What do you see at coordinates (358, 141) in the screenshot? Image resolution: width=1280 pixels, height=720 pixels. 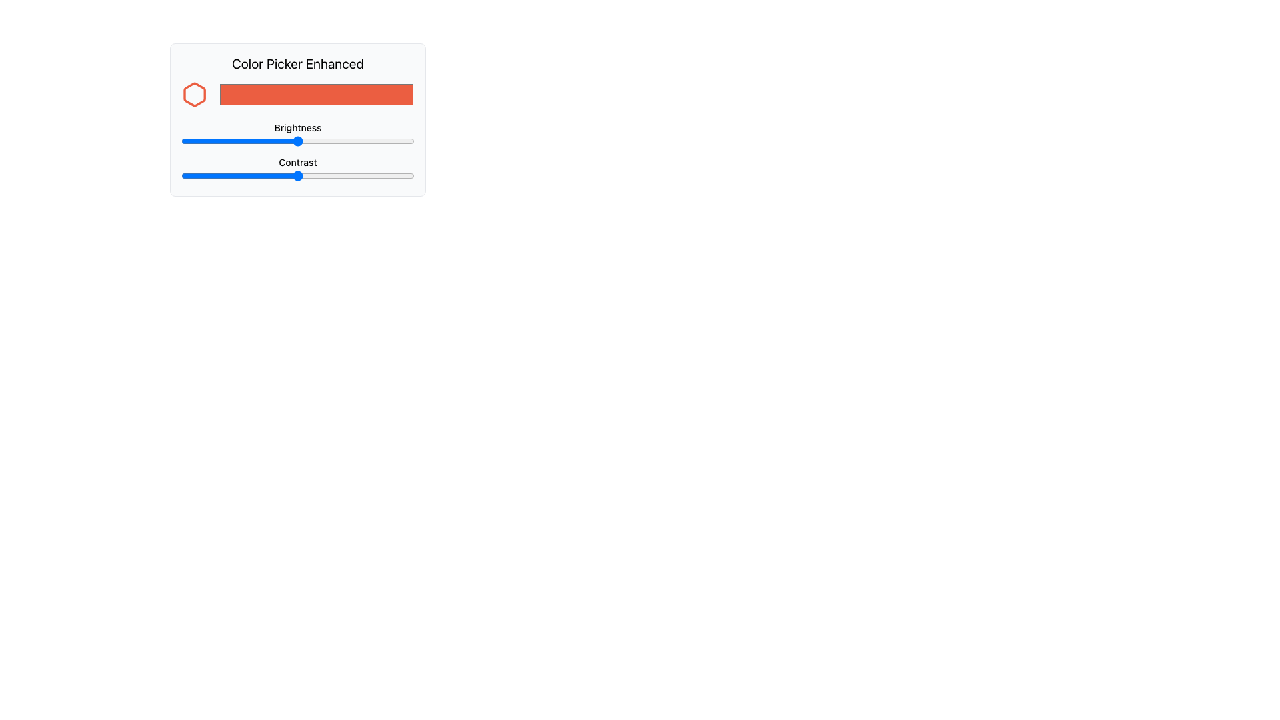 I see `brightness level` at bounding box center [358, 141].